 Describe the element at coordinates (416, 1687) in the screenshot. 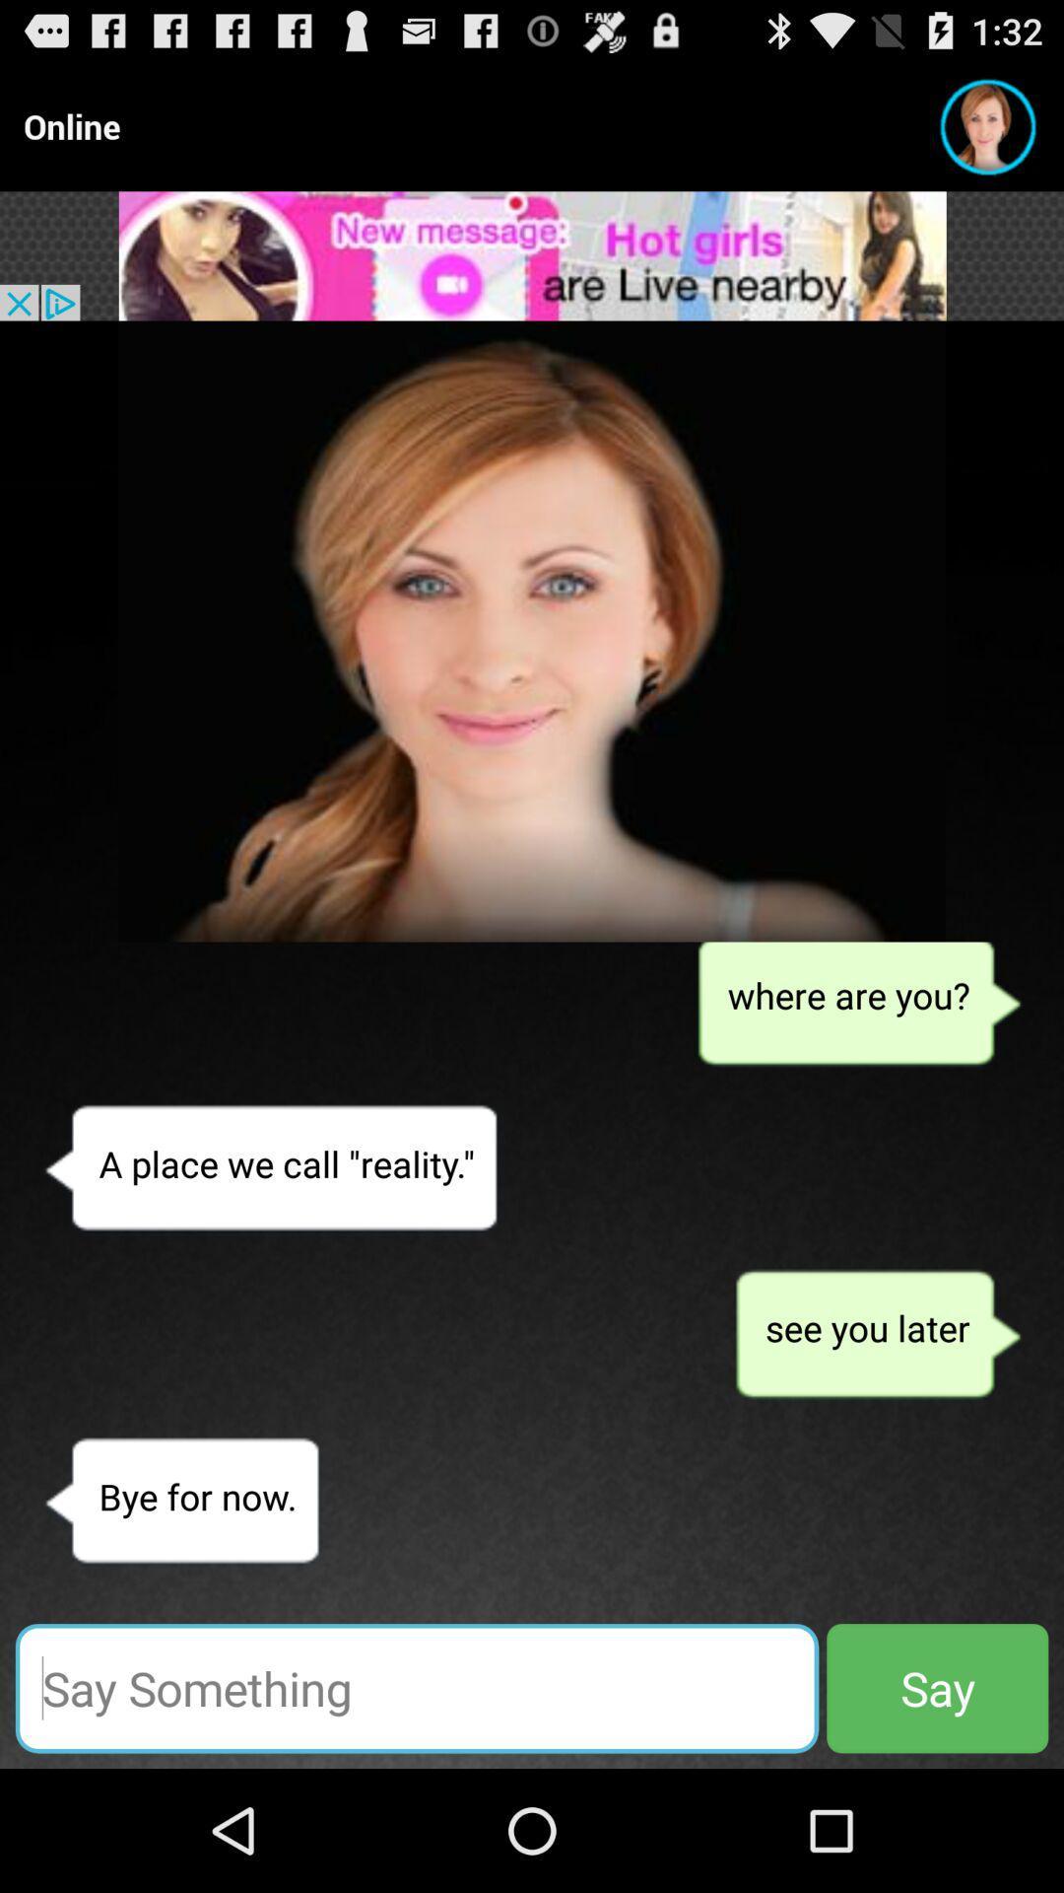

I see `chating` at that location.